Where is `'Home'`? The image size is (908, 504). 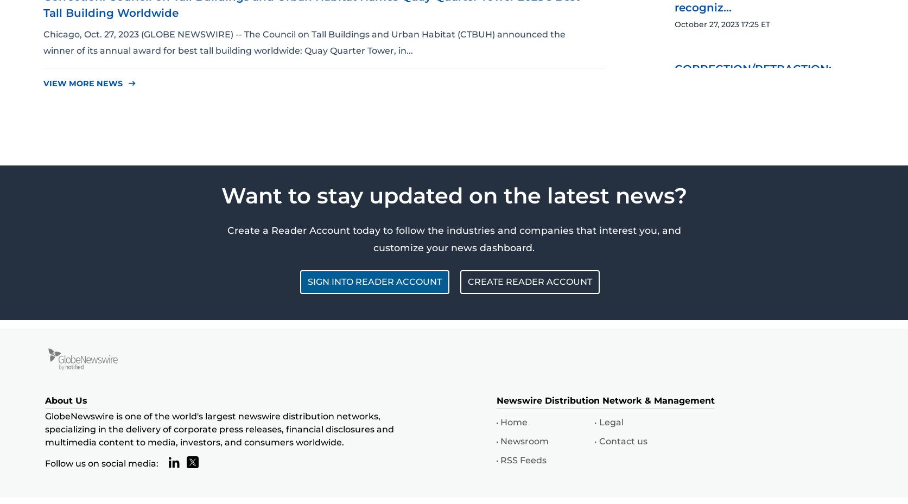
'Home' is located at coordinates (513, 421).